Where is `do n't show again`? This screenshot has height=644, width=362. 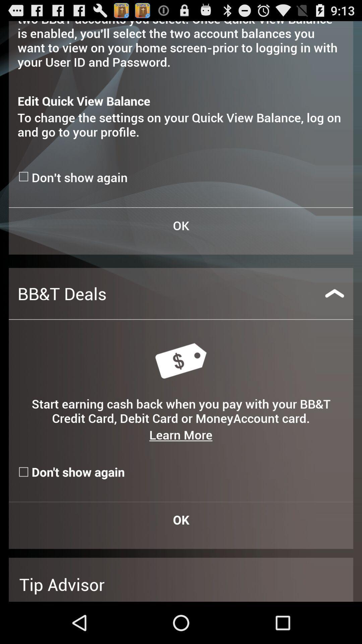 do n't show again is located at coordinates (24, 176).